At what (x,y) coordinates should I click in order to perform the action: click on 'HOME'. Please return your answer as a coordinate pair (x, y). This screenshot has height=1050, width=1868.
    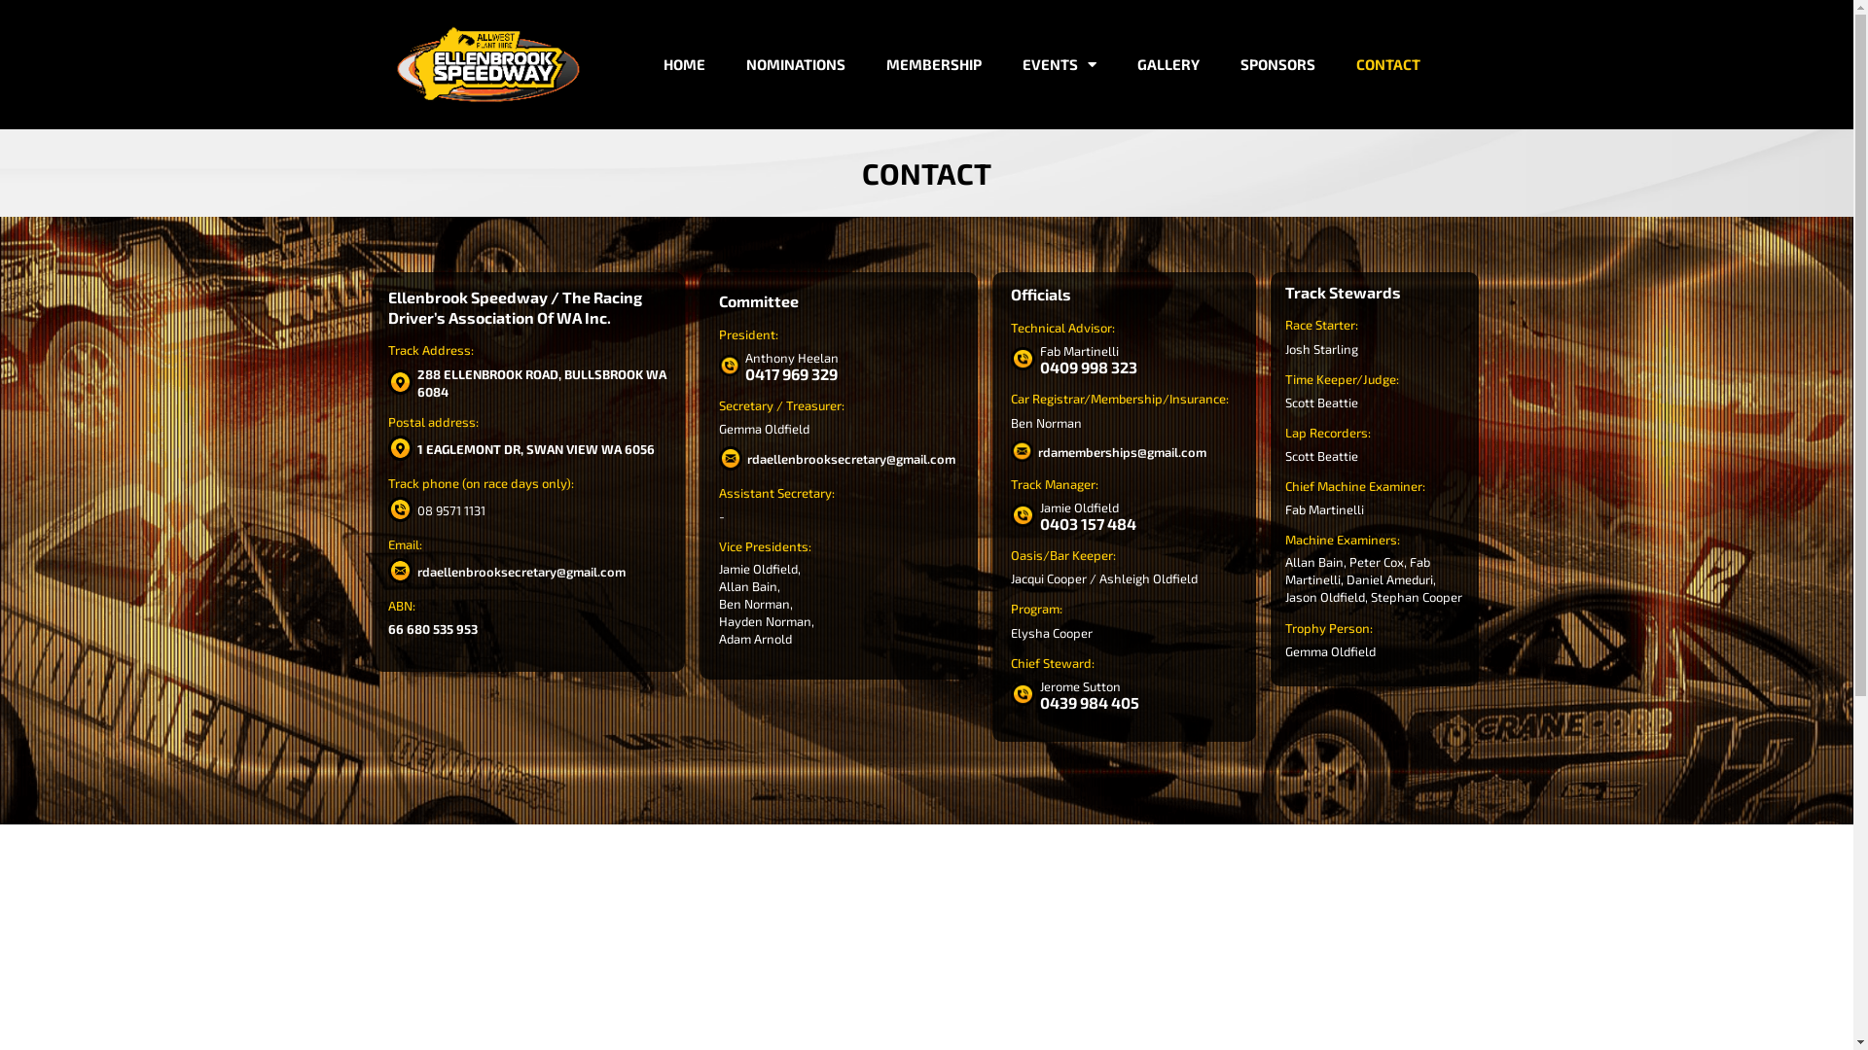
    Looking at the image, I should click on (684, 63).